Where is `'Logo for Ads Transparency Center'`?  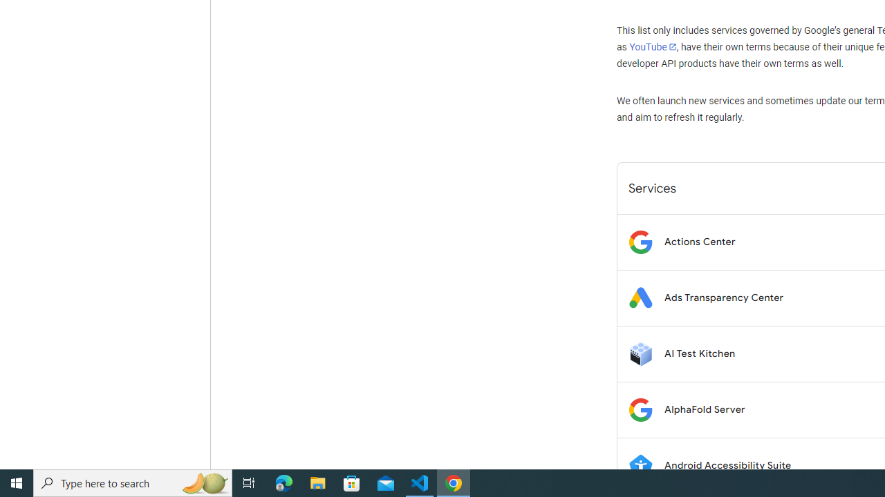 'Logo for Ads Transparency Center' is located at coordinates (640, 297).